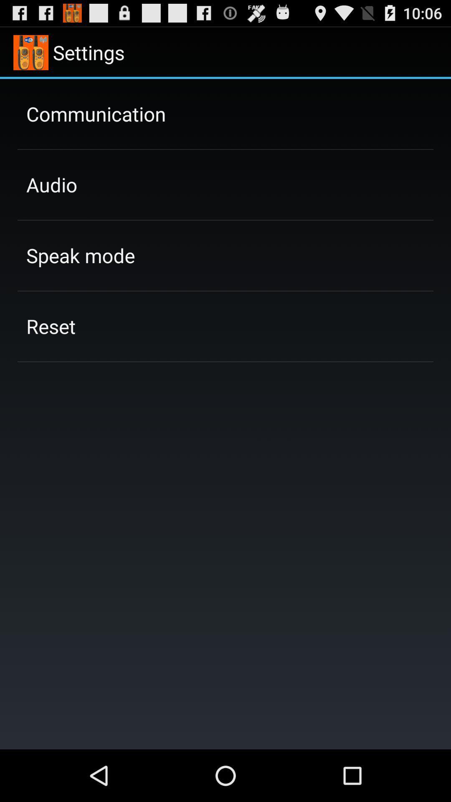 This screenshot has height=802, width=451. I want to click on the item on the left, so click(51, 326).